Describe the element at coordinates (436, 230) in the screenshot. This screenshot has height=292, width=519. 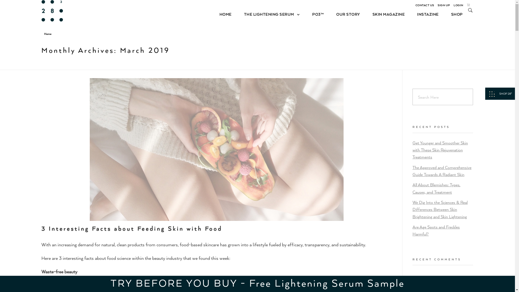
I see `'Are Age Spots and Freckles Harmful?'` at that location.